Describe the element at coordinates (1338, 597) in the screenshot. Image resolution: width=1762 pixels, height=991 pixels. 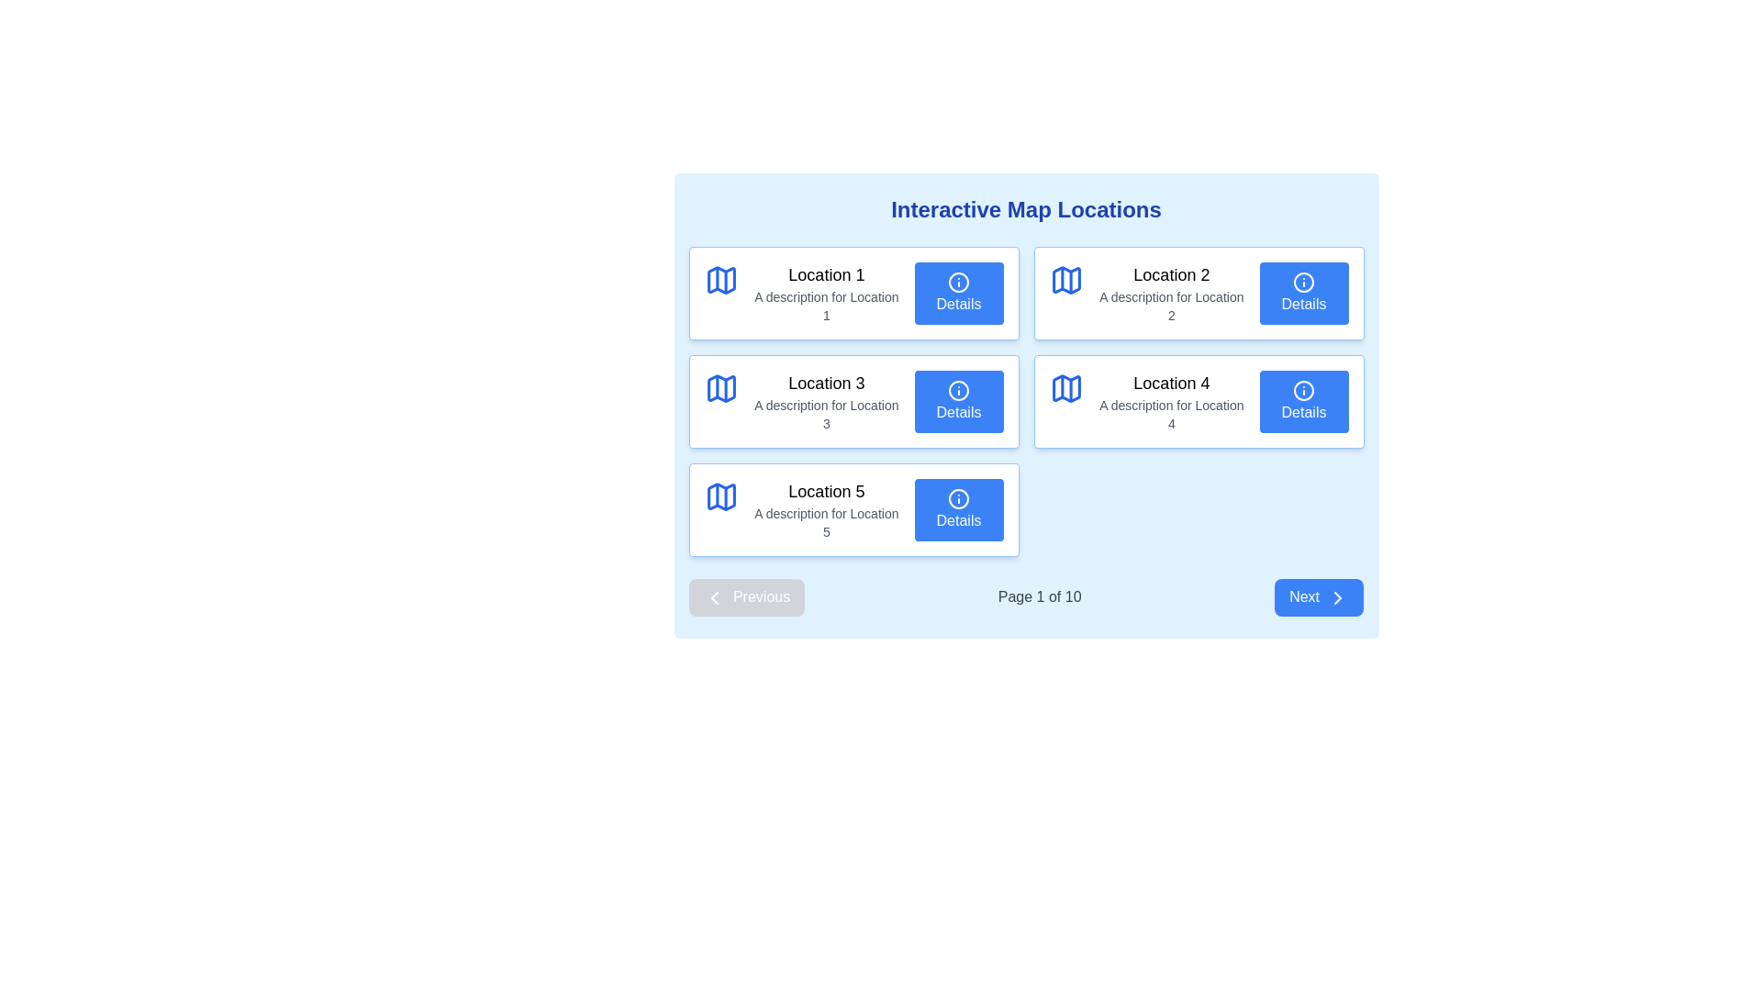
I see `the forward navigation icon located at the center of the 'Next' button, positioned near the bottom-right corner of the interface` at that location.